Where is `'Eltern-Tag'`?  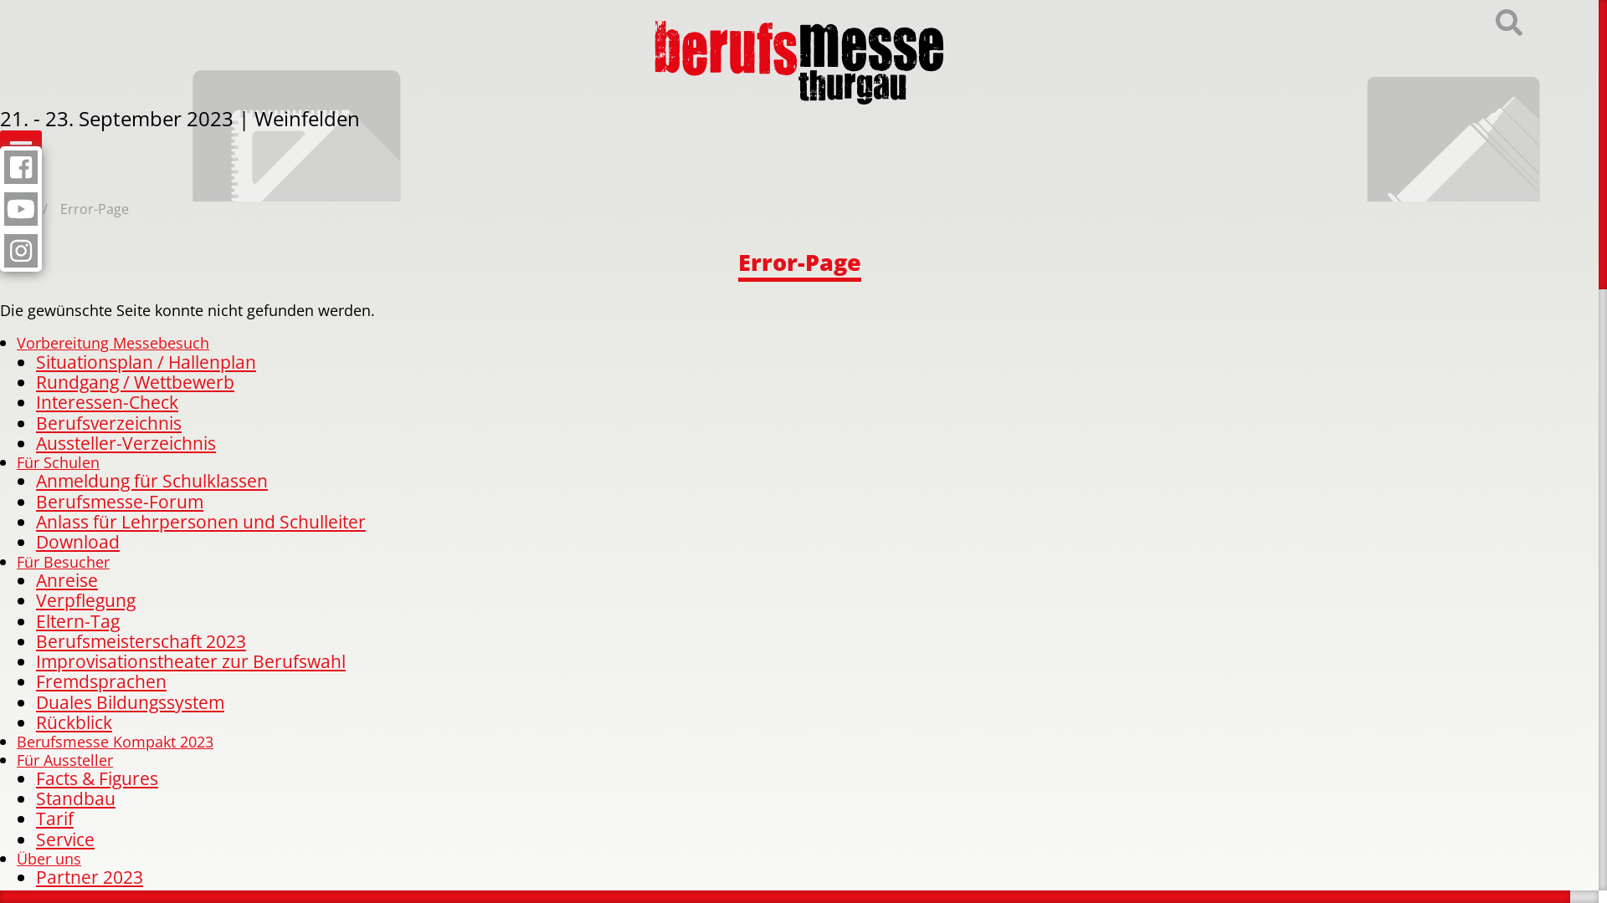
'Eltern-Tag' is located at coordinates (76, 620).